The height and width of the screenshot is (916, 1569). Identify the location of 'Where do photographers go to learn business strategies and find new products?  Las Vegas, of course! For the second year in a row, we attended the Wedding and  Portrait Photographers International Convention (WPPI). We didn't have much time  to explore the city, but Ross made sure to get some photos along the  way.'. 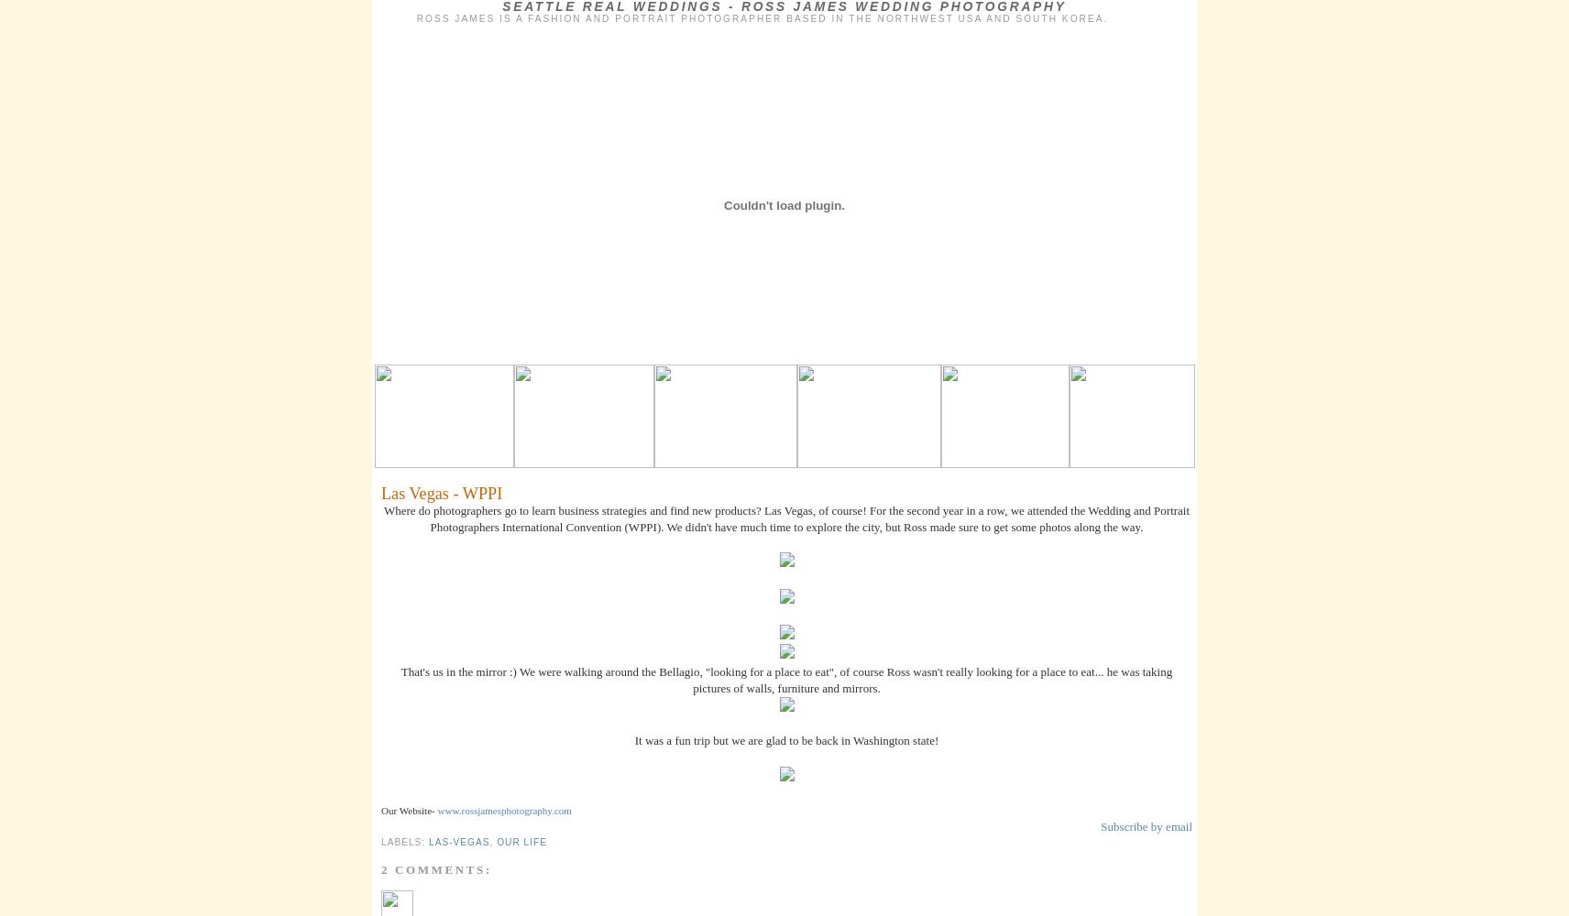
(785, 518).